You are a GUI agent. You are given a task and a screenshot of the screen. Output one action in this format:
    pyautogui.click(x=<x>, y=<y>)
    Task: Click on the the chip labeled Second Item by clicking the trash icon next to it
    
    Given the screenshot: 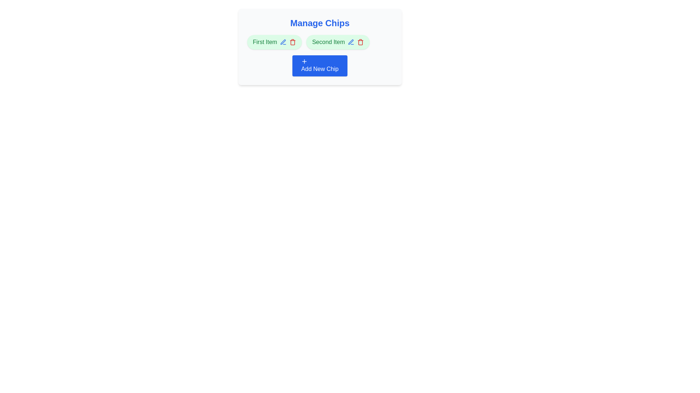 What is the action you would take?
    pyautogui.click(x=360, y=42)
    